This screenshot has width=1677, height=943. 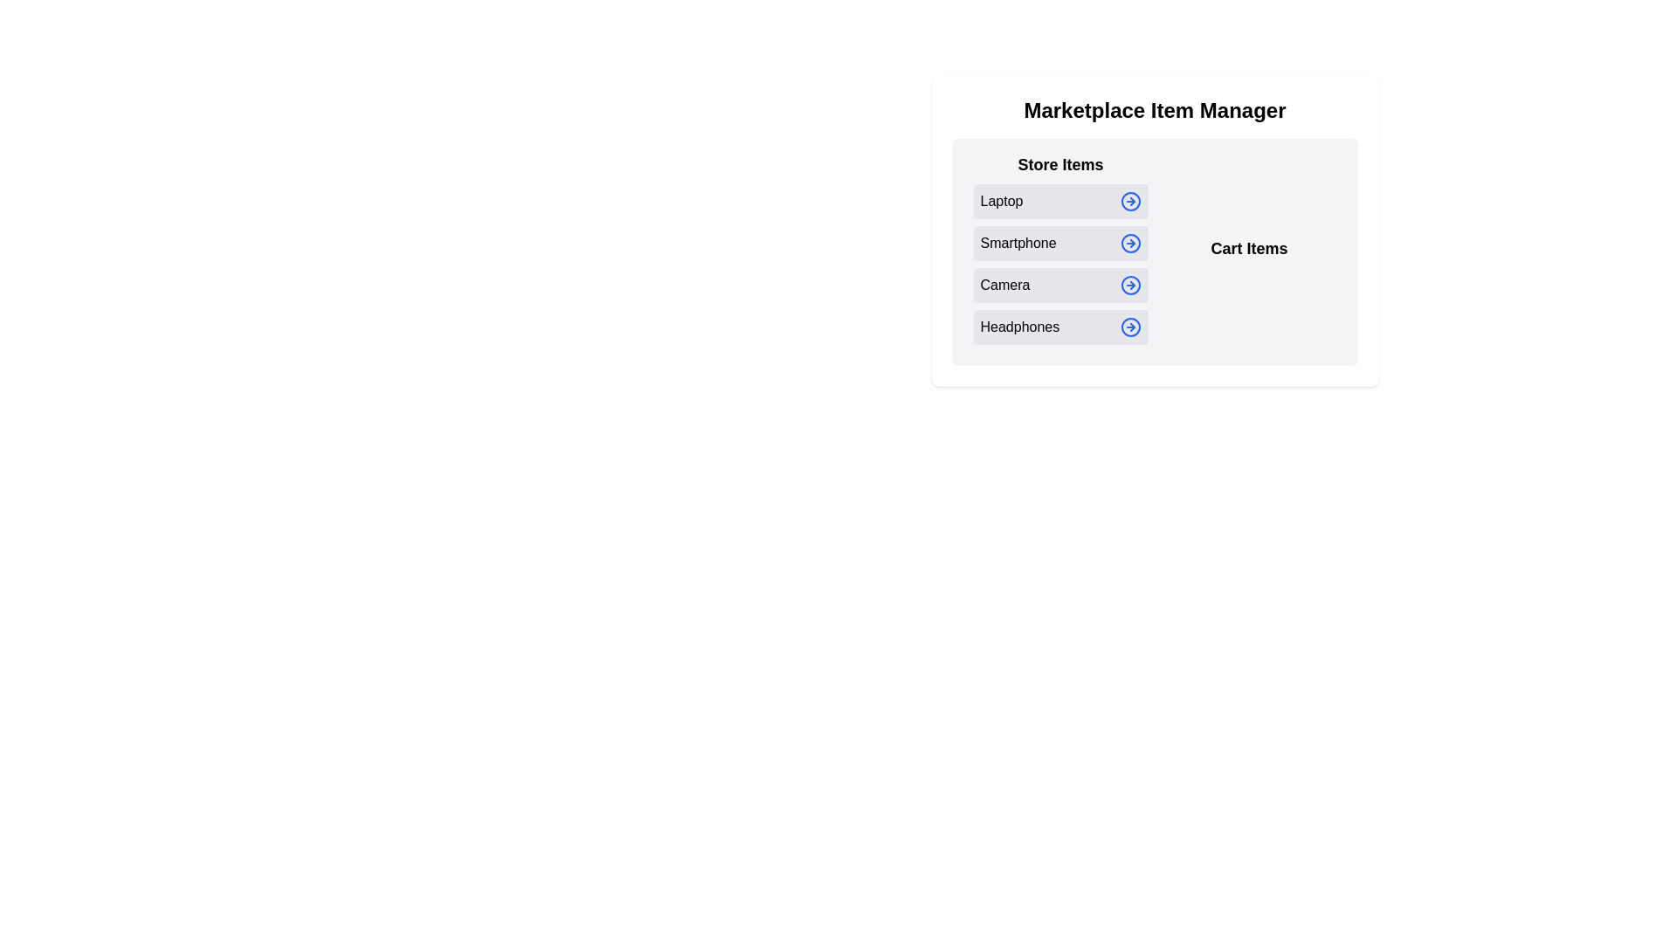 I want to click on arrow icon next to the item labeled Laptop to move it to the Cart Items section, so click(x=1130, y=201).